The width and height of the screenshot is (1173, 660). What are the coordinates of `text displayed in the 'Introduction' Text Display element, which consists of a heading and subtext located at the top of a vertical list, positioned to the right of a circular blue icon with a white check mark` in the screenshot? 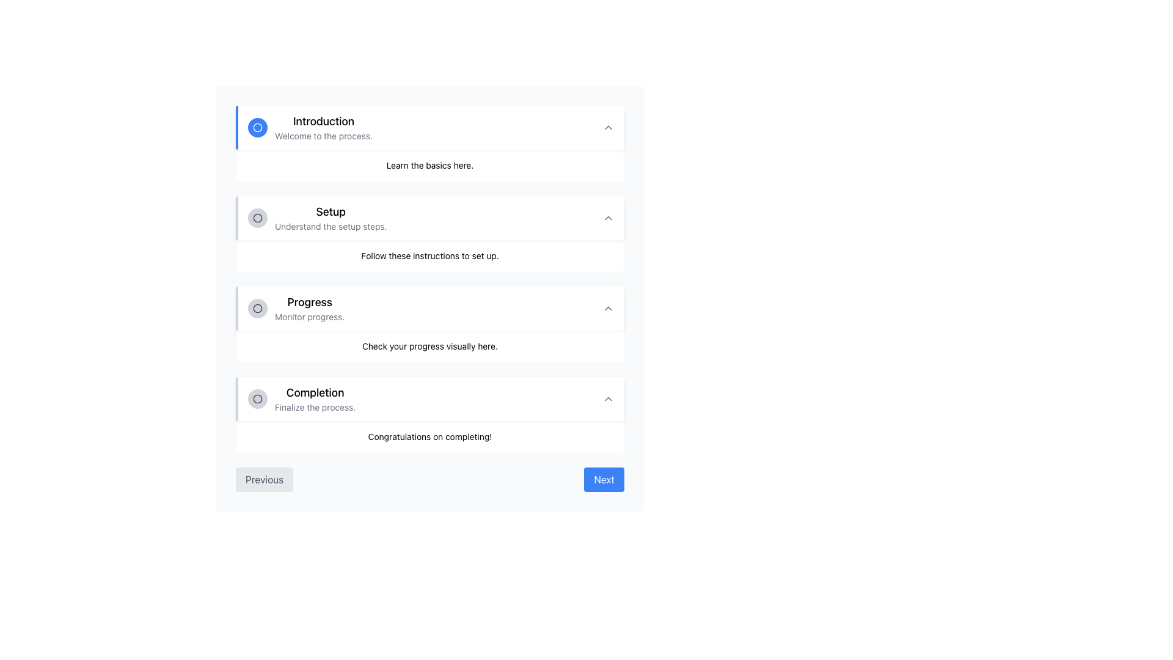 It's located at (324, 127).